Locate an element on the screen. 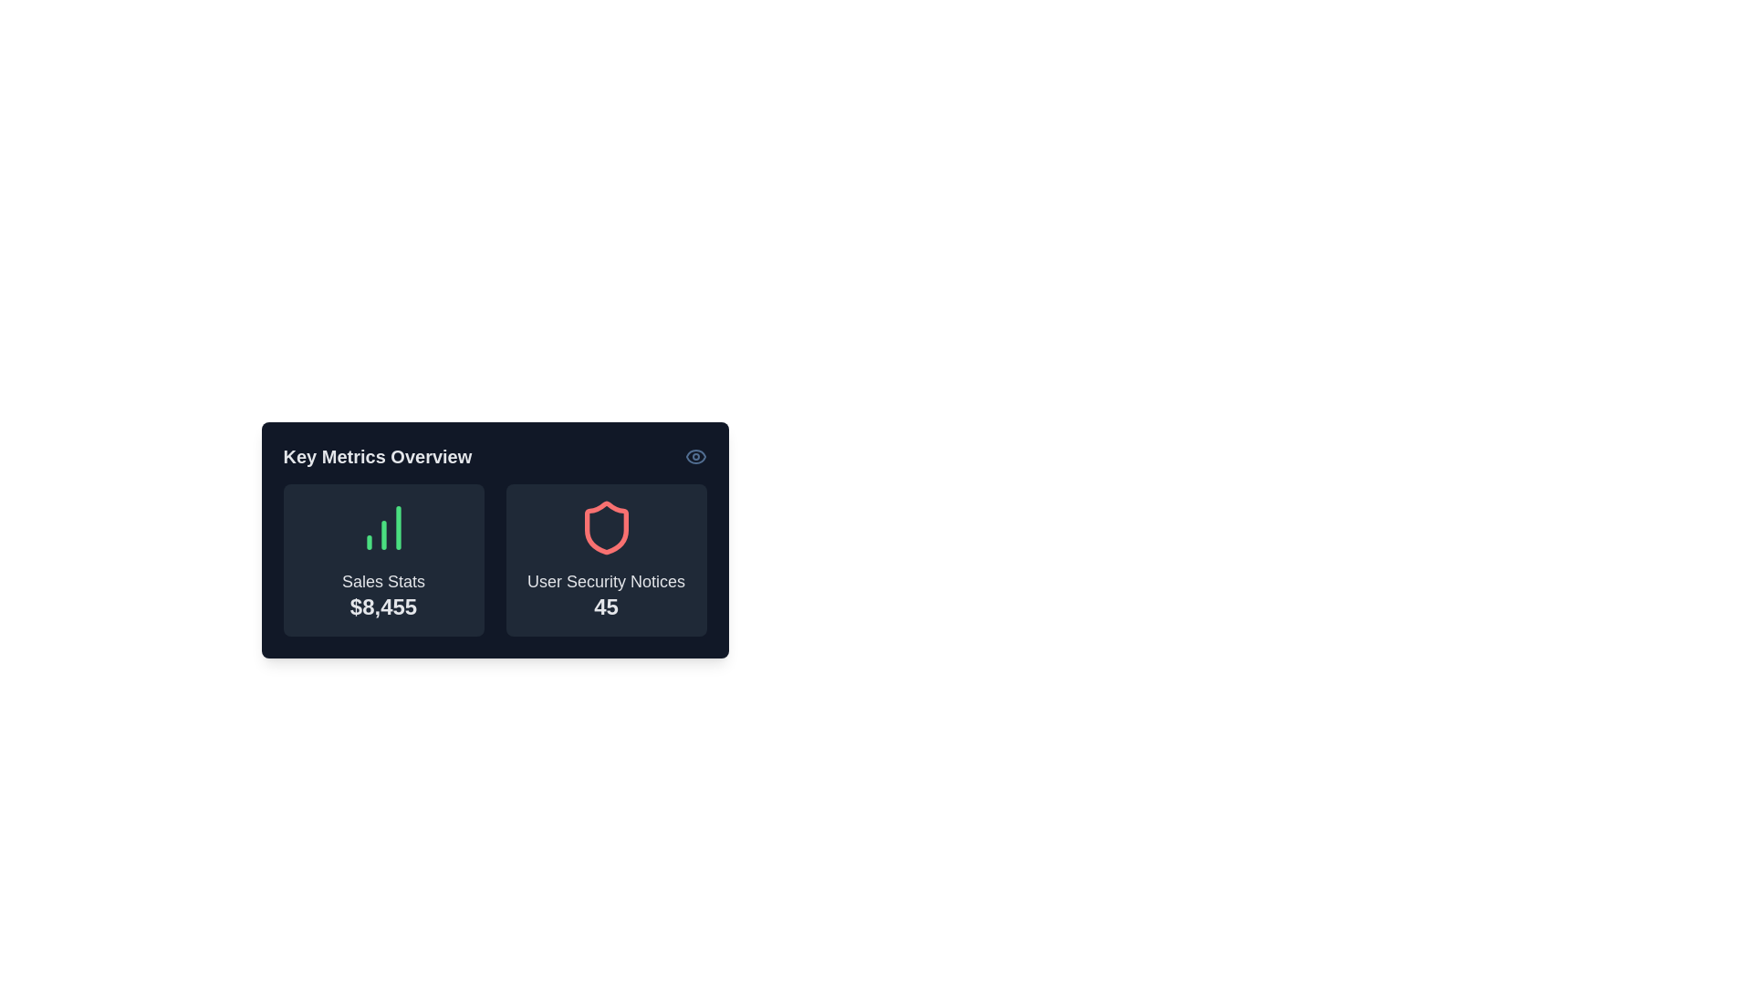 The height and width of the screenshot is (985, 1752). the shield icon outlined in red, located within the 'User Security Notices' card in the 'Key Metrics Overview' section, positioned centrally above the text '45' is located at coordinates (606, 527).